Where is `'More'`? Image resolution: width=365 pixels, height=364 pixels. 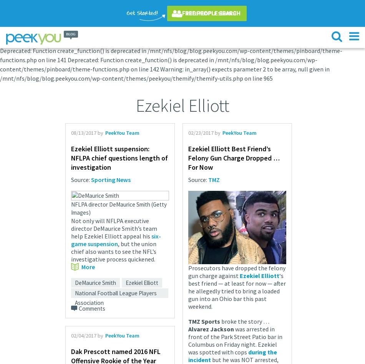
'More' is located at coordinates (88, 266).